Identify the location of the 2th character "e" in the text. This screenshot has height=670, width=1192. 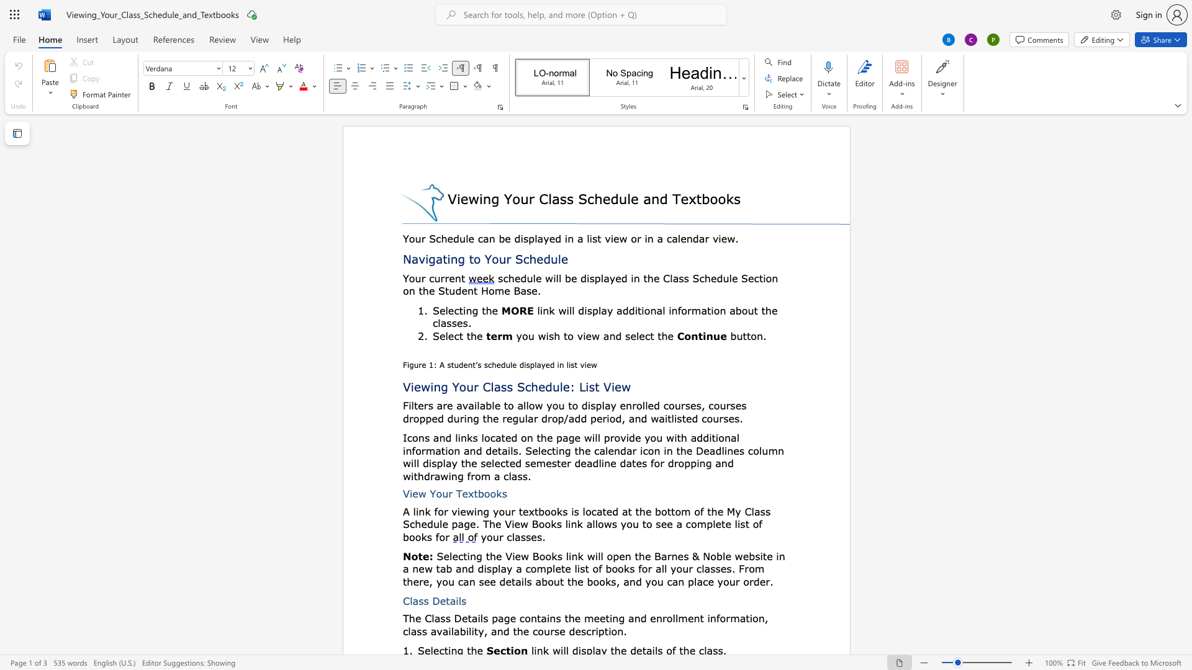
(450, 336).